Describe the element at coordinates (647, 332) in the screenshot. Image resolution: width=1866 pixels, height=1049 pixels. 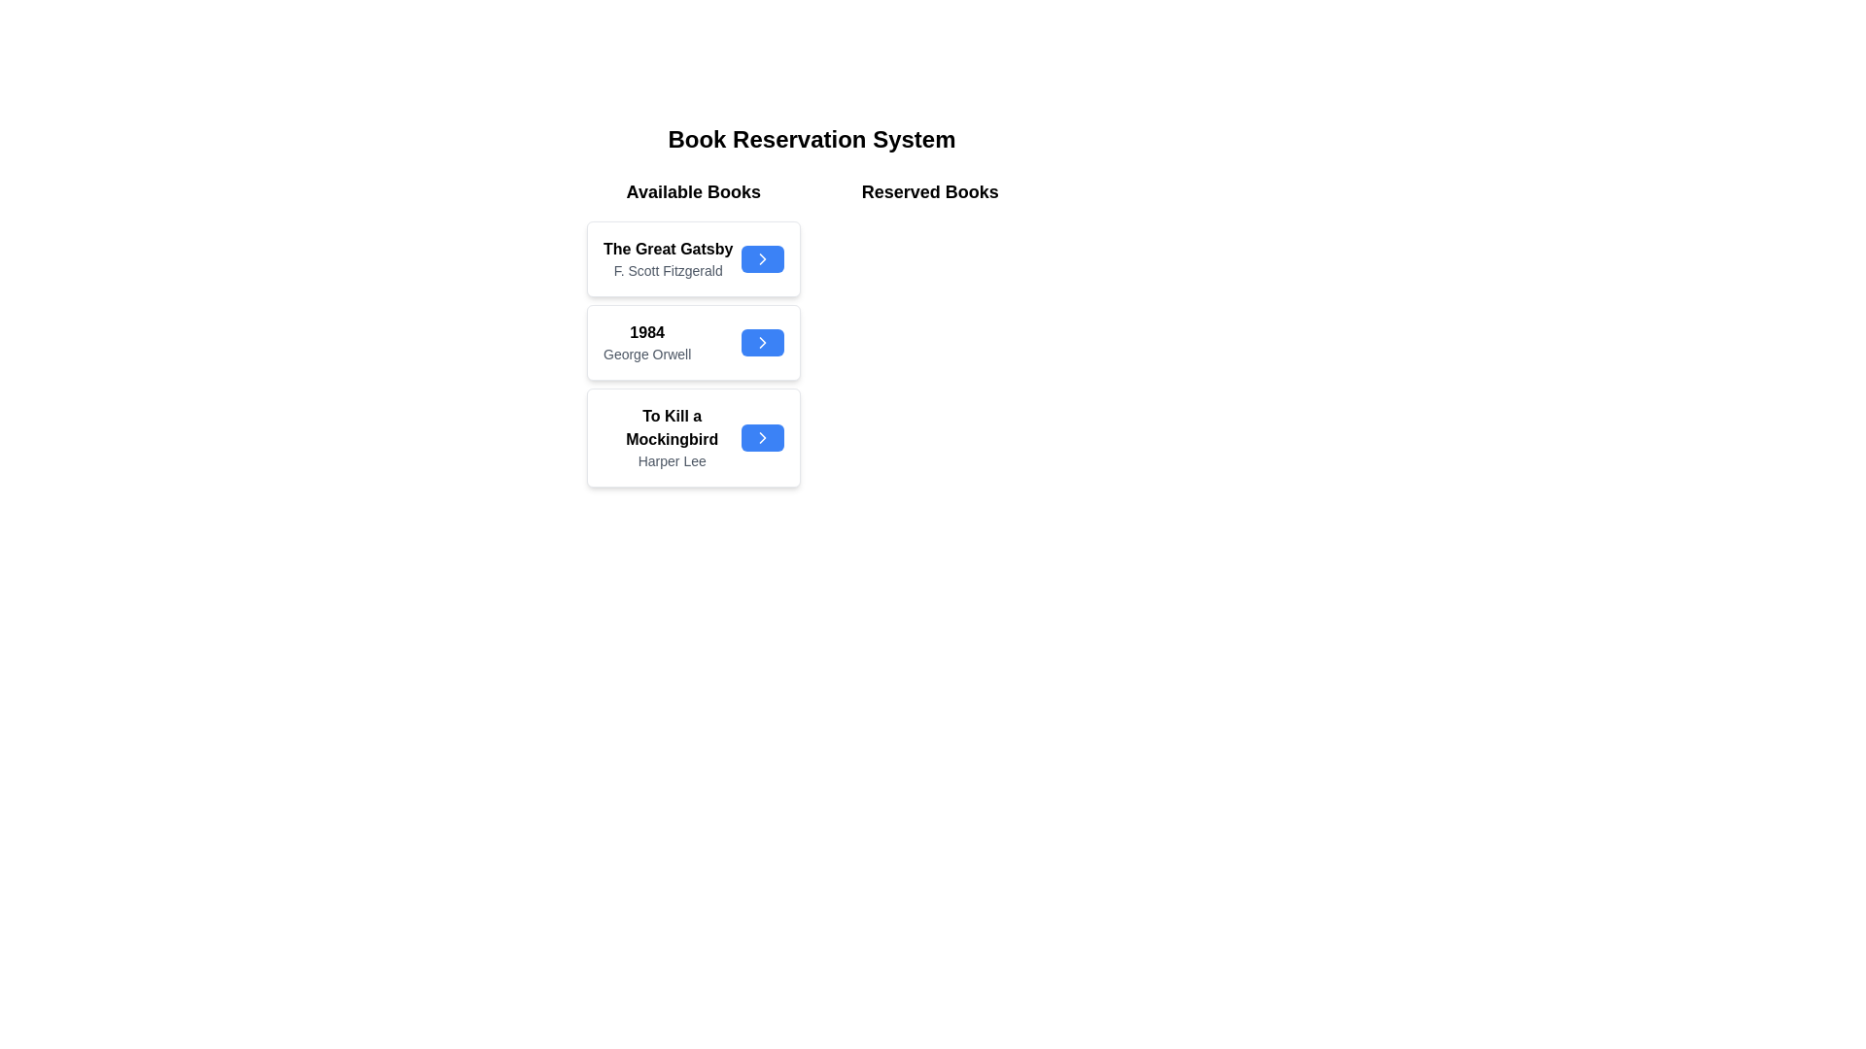
I see `bold text element displaying '1984' located within the card-style layout under the header 'Available Books'` at that location.